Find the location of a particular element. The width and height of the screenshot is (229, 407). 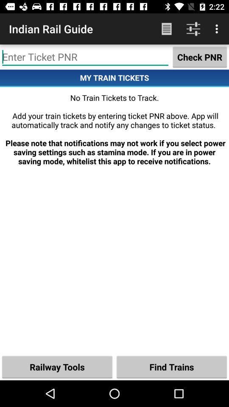

item at the bottom right corner is located at coordinates (172, 366).